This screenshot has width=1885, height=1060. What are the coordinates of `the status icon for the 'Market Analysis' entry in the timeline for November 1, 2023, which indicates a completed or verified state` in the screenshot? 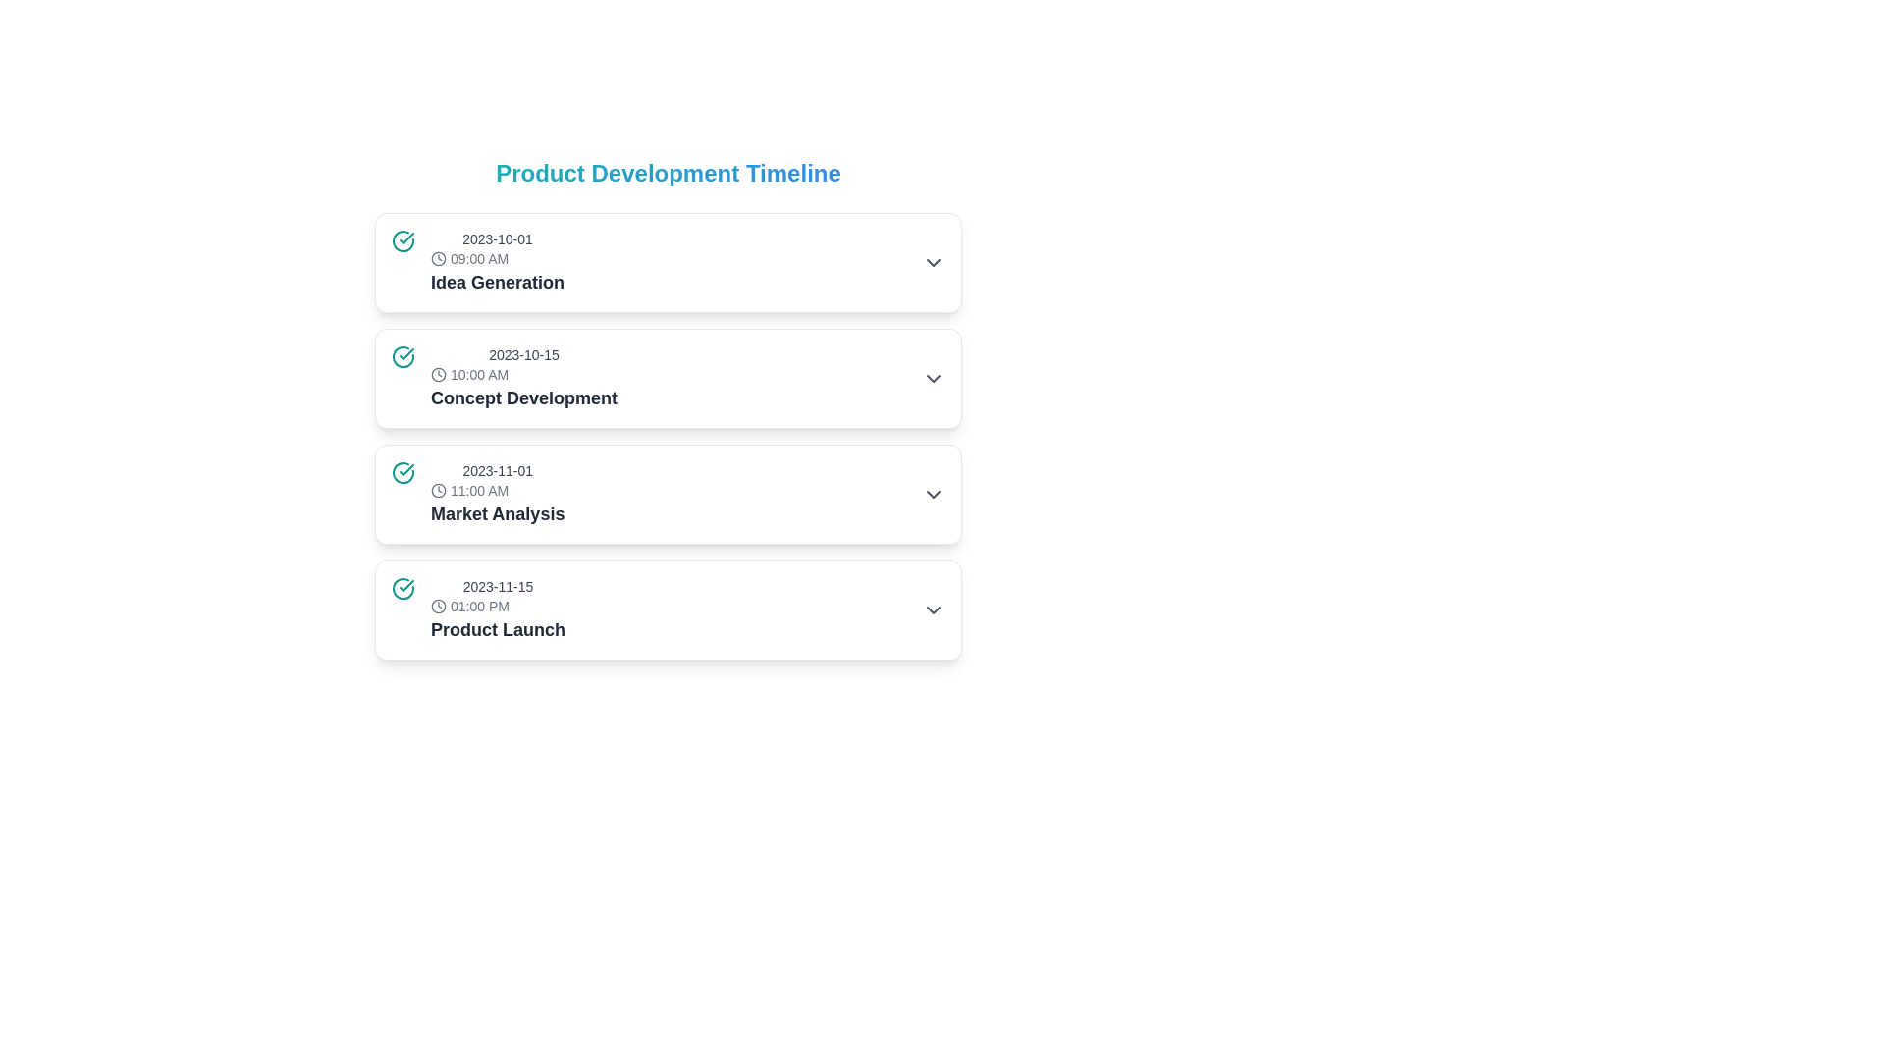 It's located at (403, 473).